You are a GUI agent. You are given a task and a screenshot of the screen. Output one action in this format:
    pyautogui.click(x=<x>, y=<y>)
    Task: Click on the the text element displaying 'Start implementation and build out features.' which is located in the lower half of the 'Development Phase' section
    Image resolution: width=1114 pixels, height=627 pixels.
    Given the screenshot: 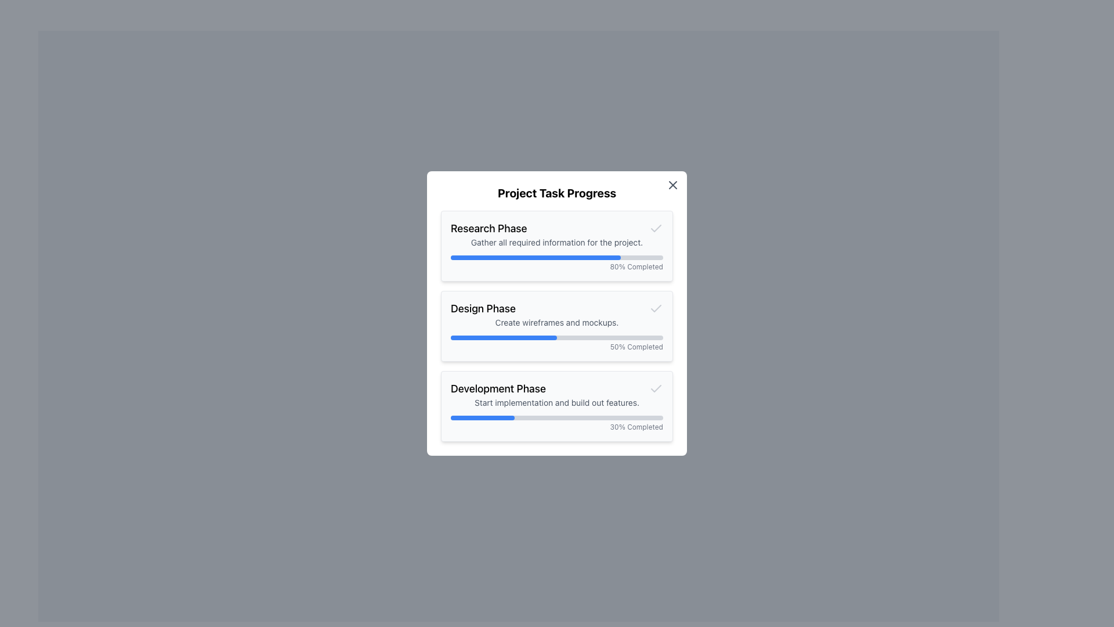 What is the action you would take?
    pyautogui.click(x=557, y=402)
    